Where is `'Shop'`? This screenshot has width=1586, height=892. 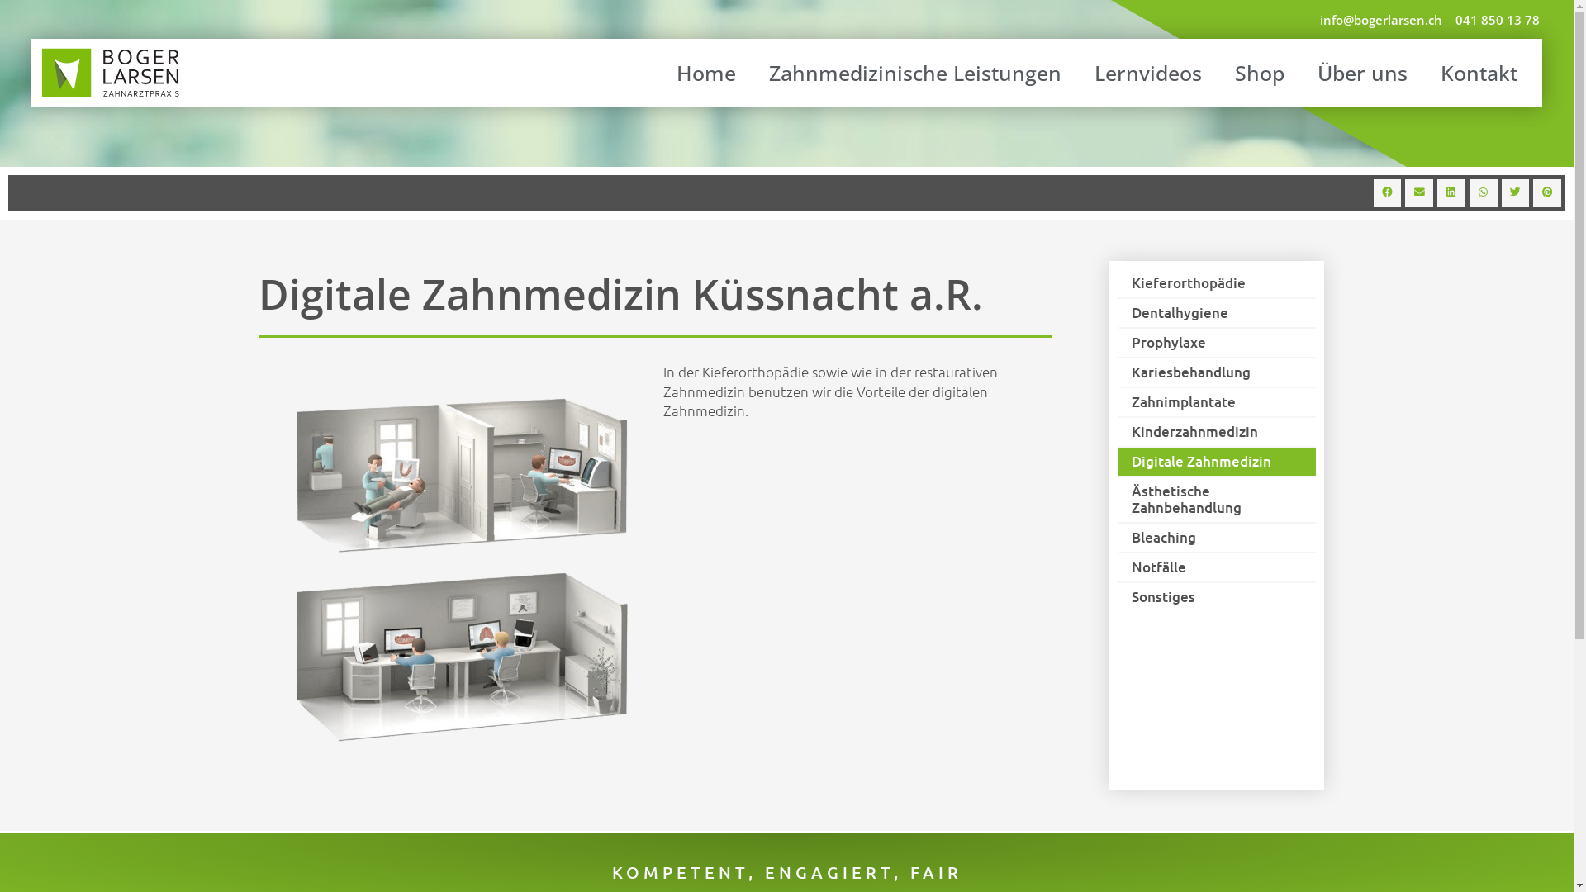
'Shop' is located at coordinates (1259, 72).